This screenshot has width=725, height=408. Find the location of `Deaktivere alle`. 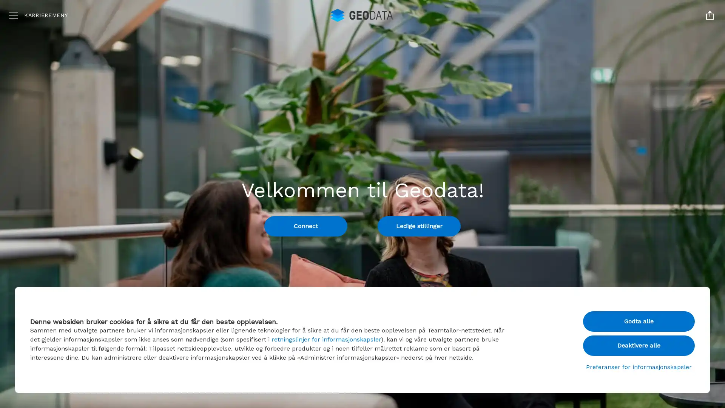

Deaktivere alle is located at coordinates (639, 345).